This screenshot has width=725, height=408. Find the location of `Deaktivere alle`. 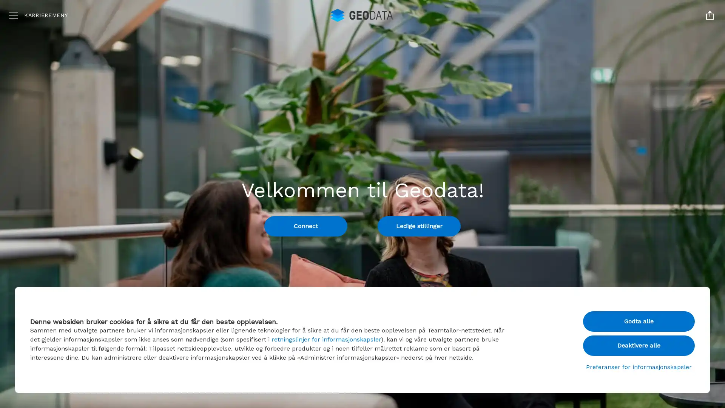

Deaktivere alle is located at coordinates (639, 345).